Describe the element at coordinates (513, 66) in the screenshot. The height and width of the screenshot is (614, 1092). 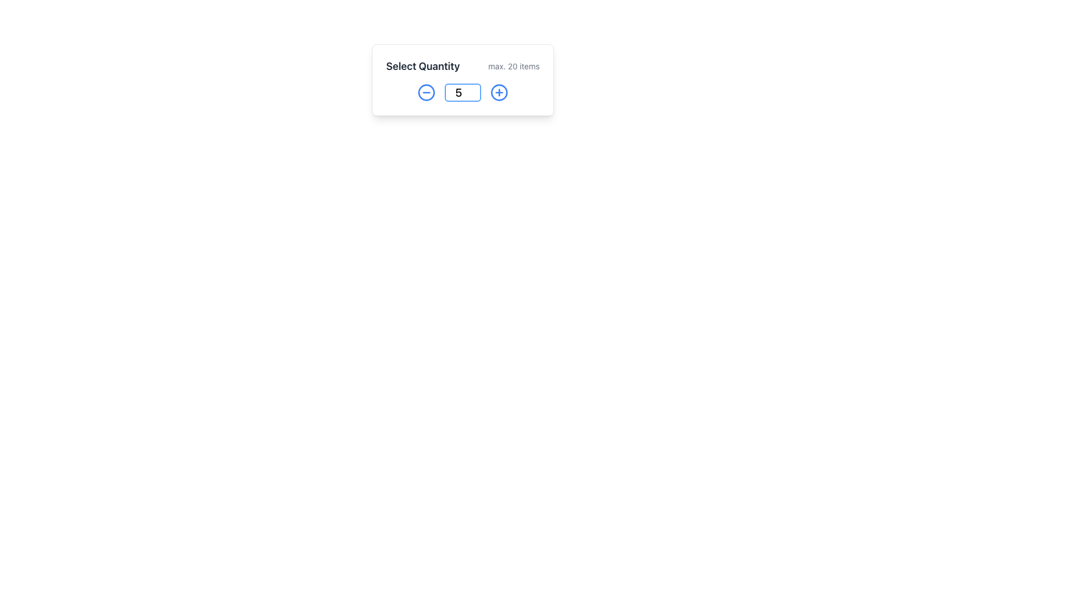
I see `the informative label reading 'max. 20 items' located to the right of the 'Select Quantity' text` at that location.